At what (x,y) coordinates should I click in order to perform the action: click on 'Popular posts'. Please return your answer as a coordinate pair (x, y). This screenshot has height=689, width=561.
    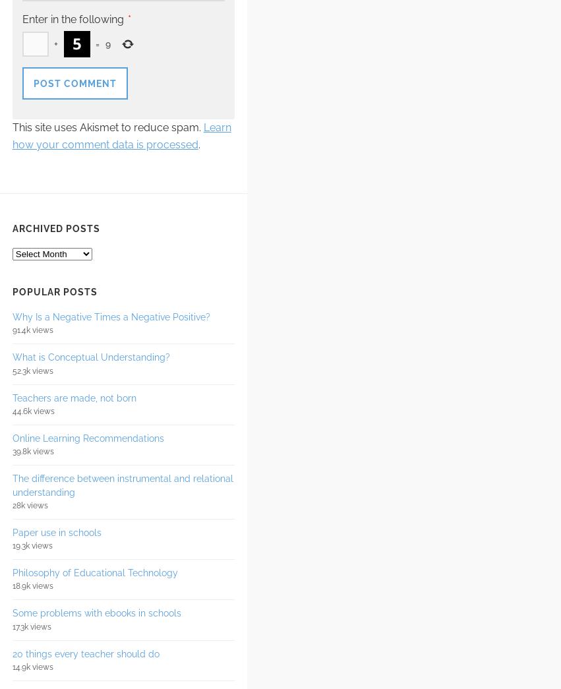
    Looking at the image, I should click on (11, 291).